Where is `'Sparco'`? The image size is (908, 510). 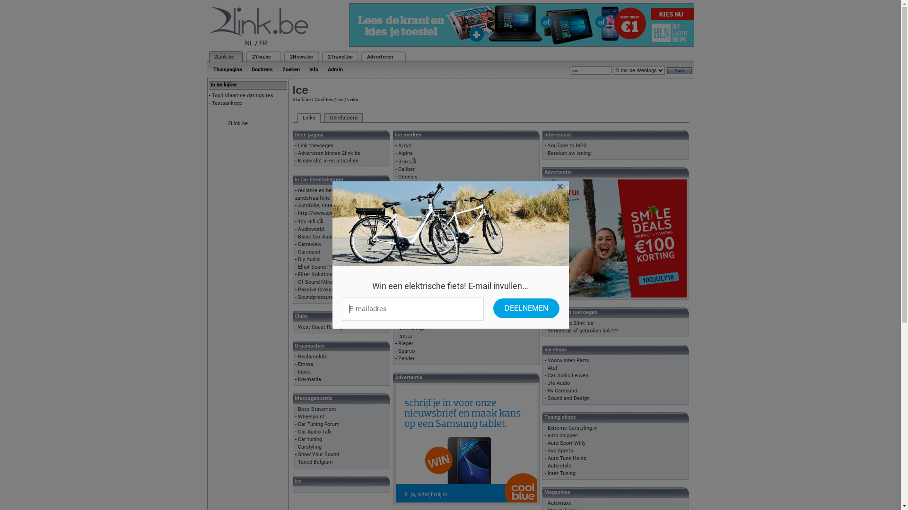 'Sparco' is located at coordinates (406, 351).